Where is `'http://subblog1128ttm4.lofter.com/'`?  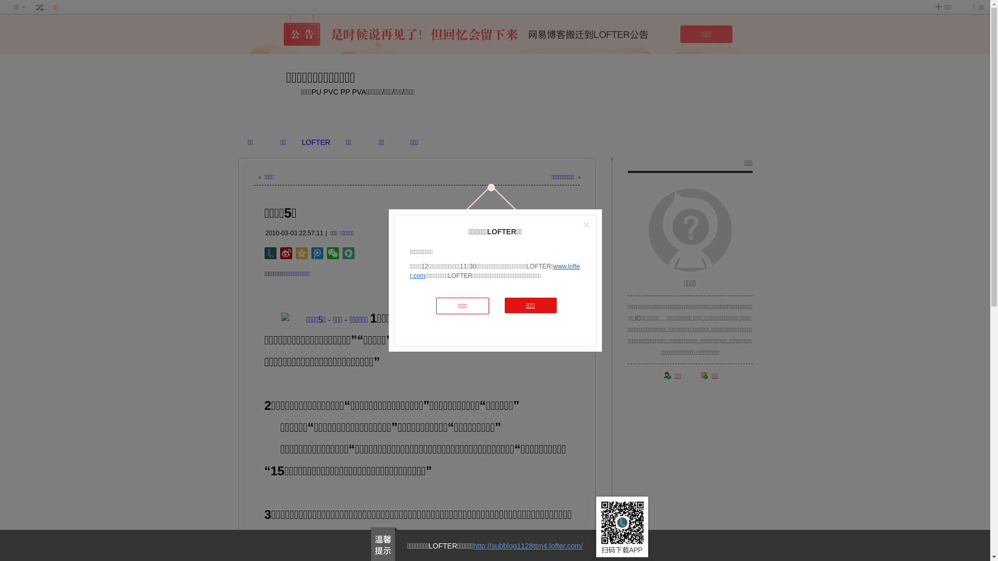 'http://subblog1128ttm4.lofter.com/' is located at coordinates (528, 545).